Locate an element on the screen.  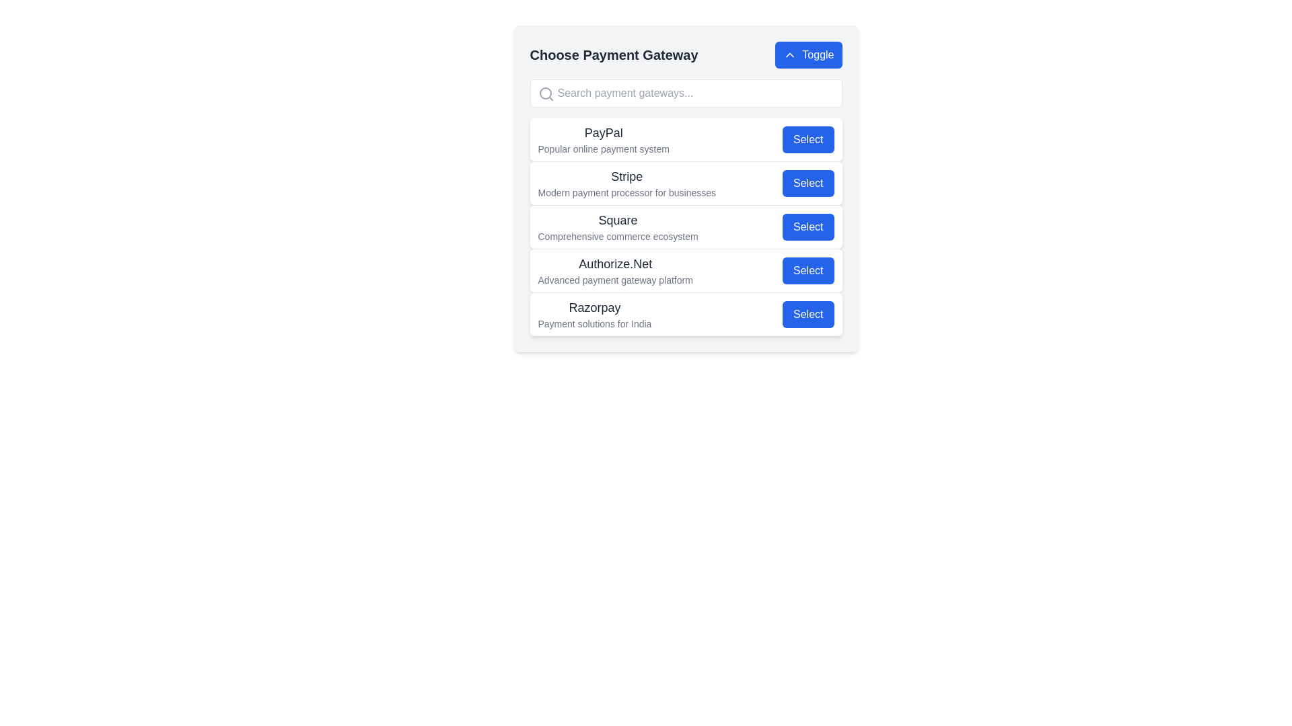
the circular icon of the magnifying glass located within the search bar at the top of the payment gateway selection interface is located at coordinates (545, 92).